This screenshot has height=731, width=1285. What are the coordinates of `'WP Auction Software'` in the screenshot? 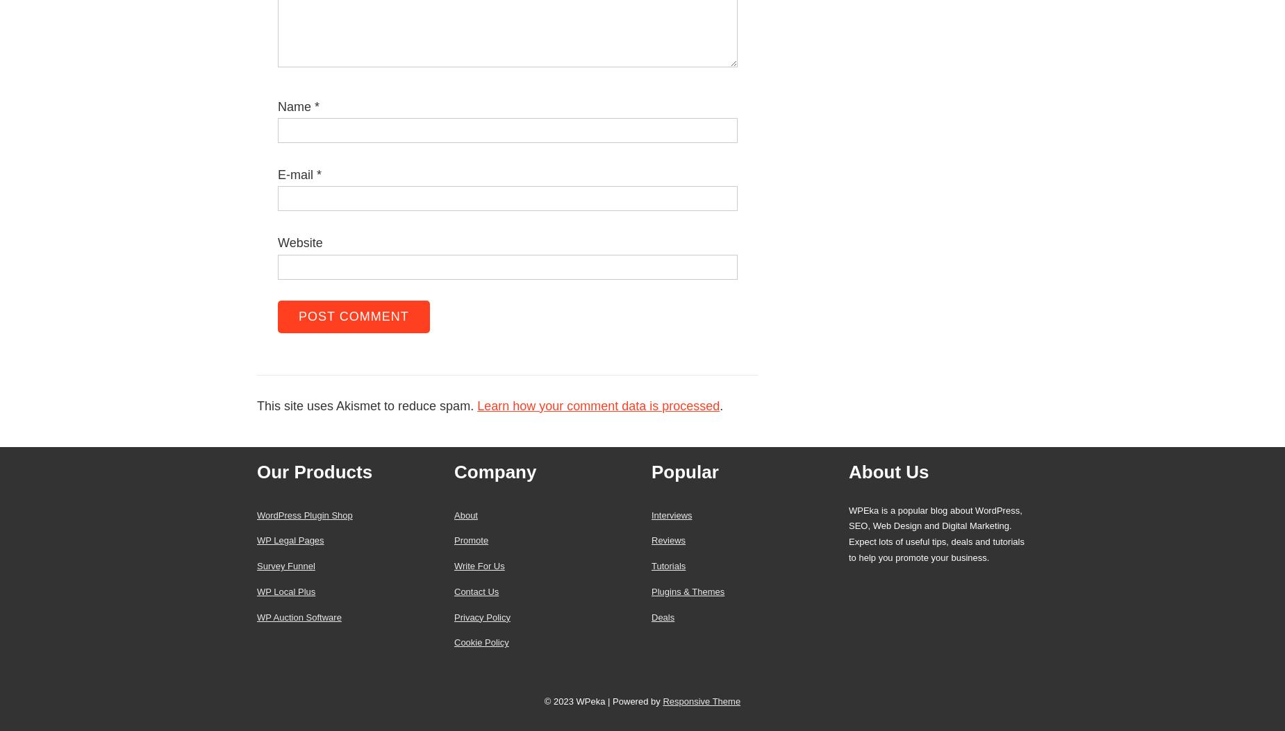 It's located at (256, 616).